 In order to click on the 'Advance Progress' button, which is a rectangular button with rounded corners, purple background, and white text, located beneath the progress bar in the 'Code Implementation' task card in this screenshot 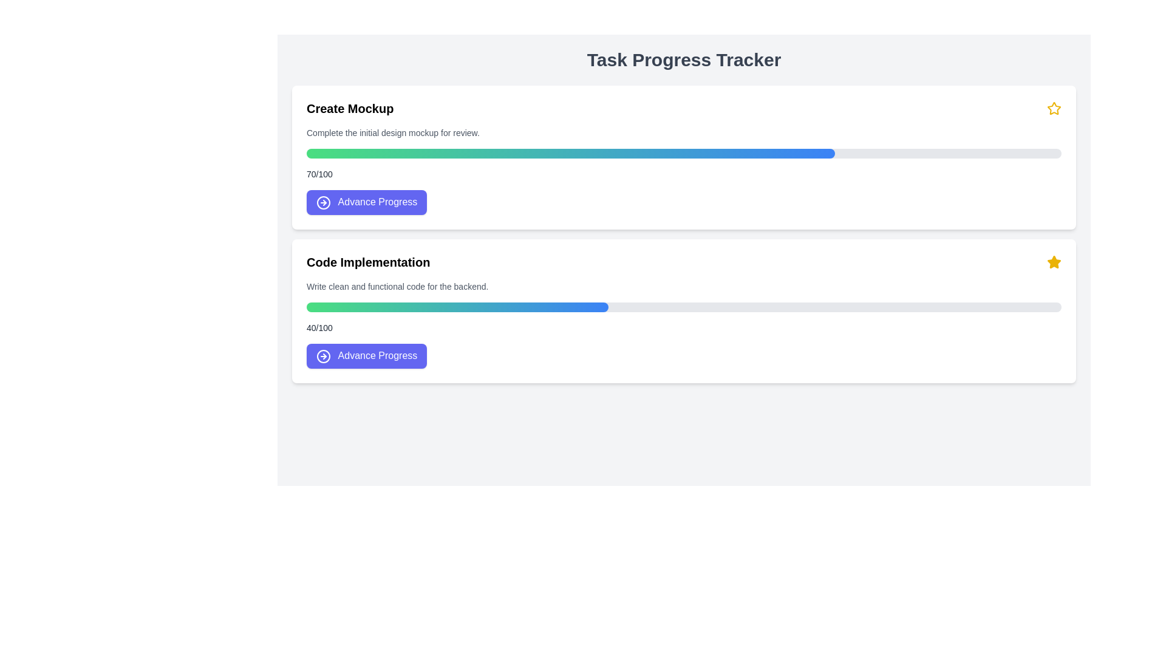, I will do `click(366, 355)`.